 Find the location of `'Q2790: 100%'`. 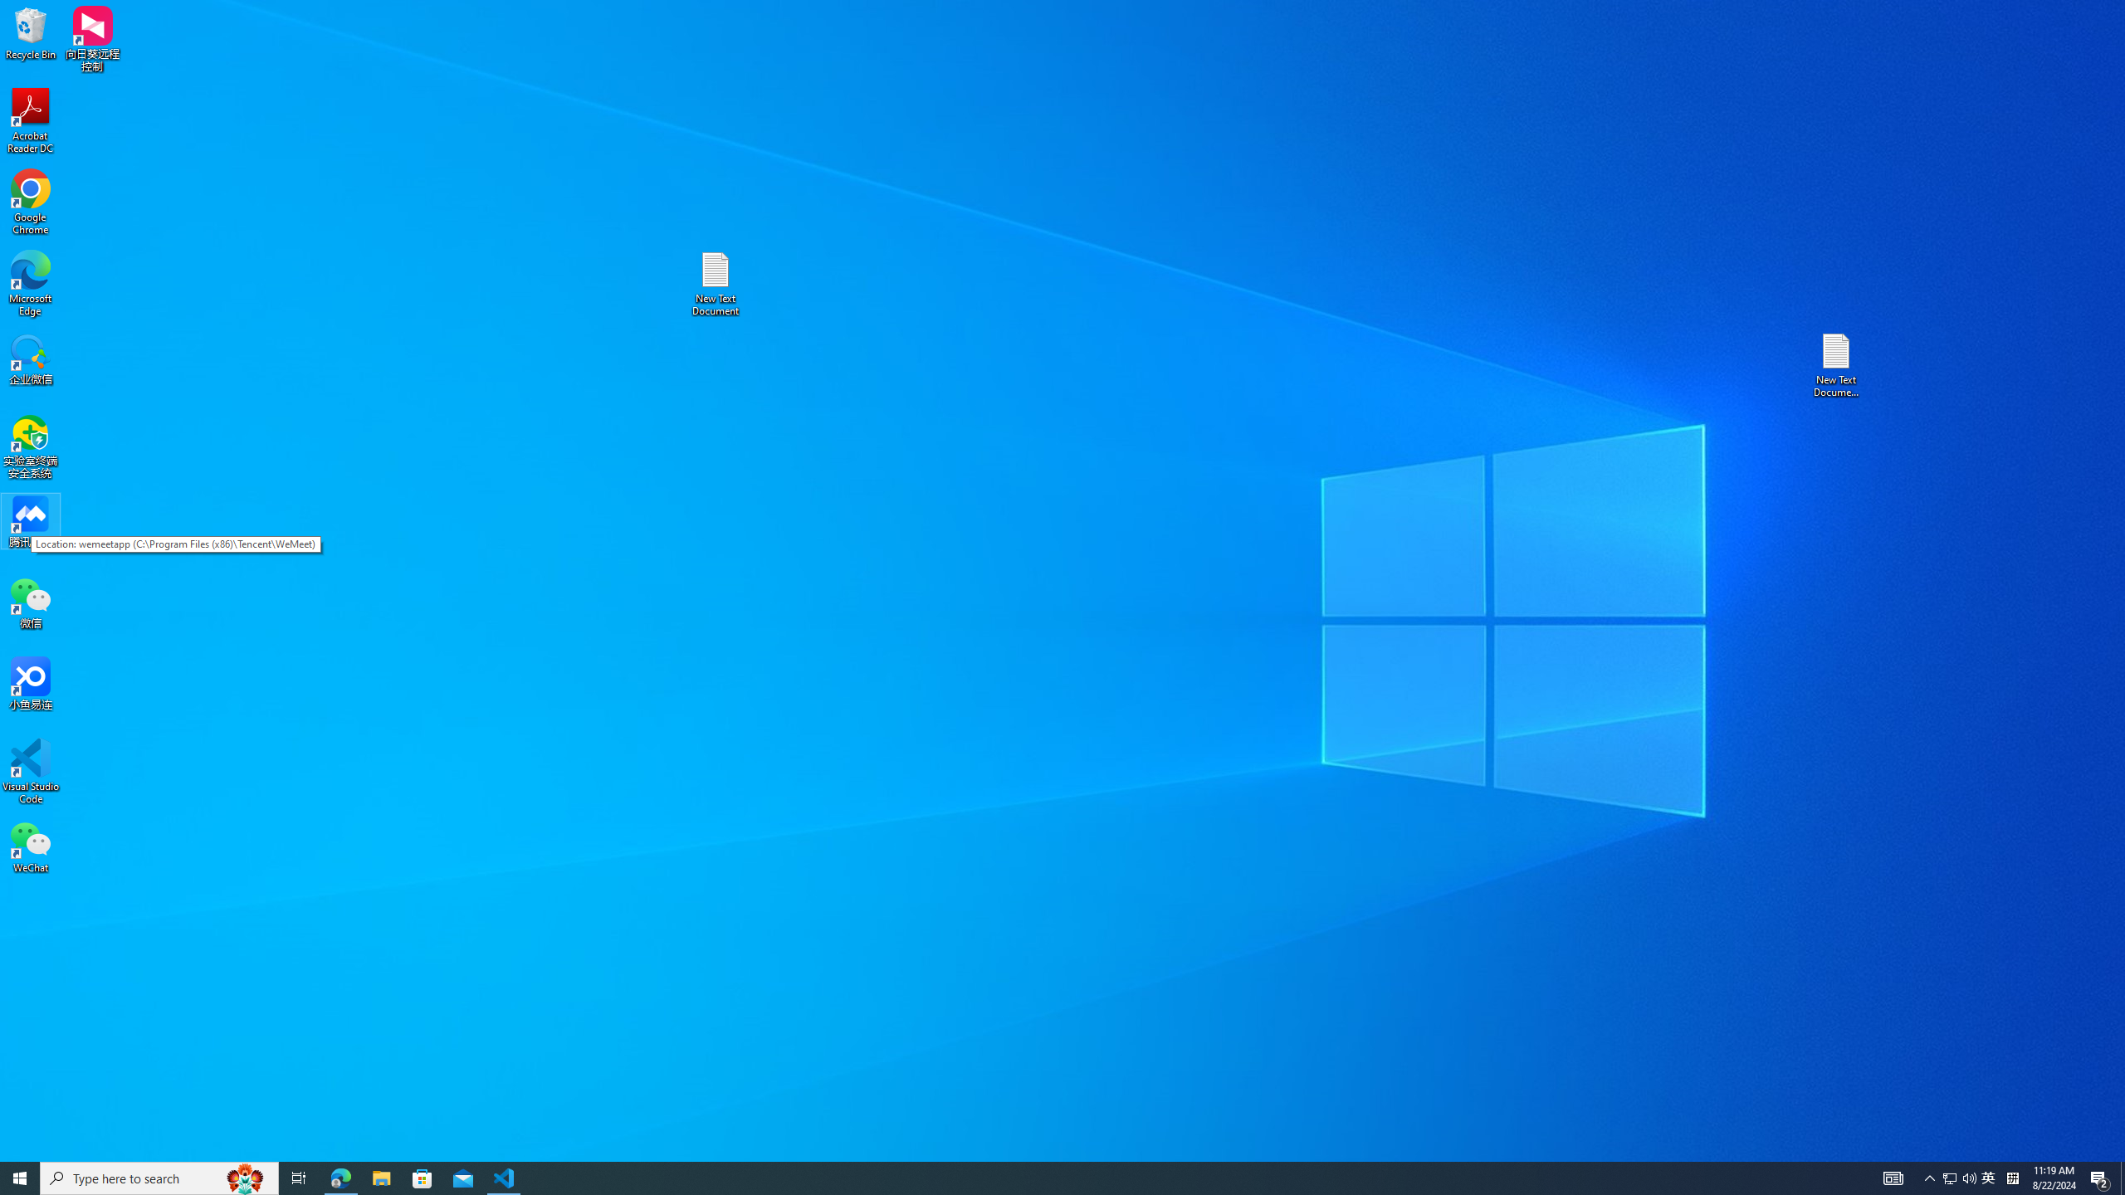

'Q2790: 100%' is located at coordinates (1969, 1177).